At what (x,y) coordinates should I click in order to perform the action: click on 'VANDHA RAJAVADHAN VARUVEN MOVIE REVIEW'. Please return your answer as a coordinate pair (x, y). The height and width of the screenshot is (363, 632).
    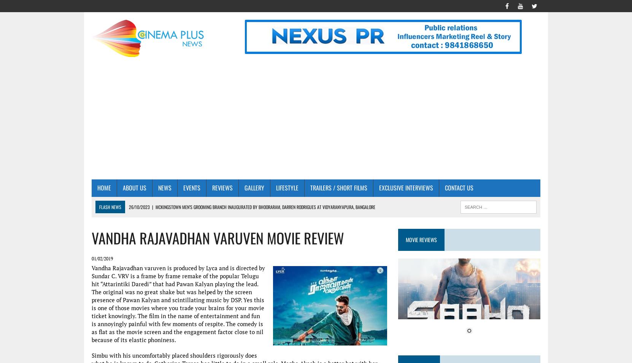
    Looking at the image, I should click on (218, 238).